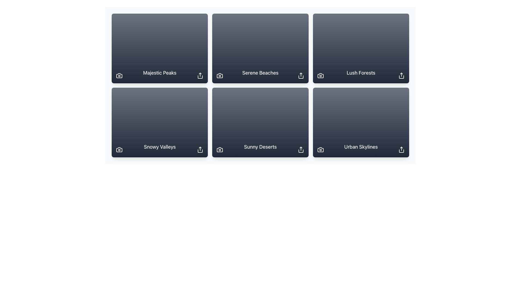 Image resolution: width=523 pixels, height=294 pixels. Describe the element at coordinates (159, 72) in the screenshot. I see `the text element that serves as a label for the card, summarizing the theme 'Majestic Peaks', located in the first row, first column of the grid layout` at that location.